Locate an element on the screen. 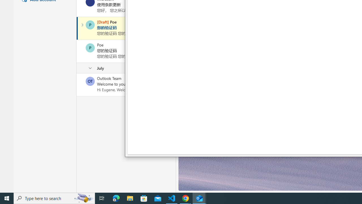 This screenshot has height=204, width=362. 'File Explorer' is located at coordinates (130, 198).